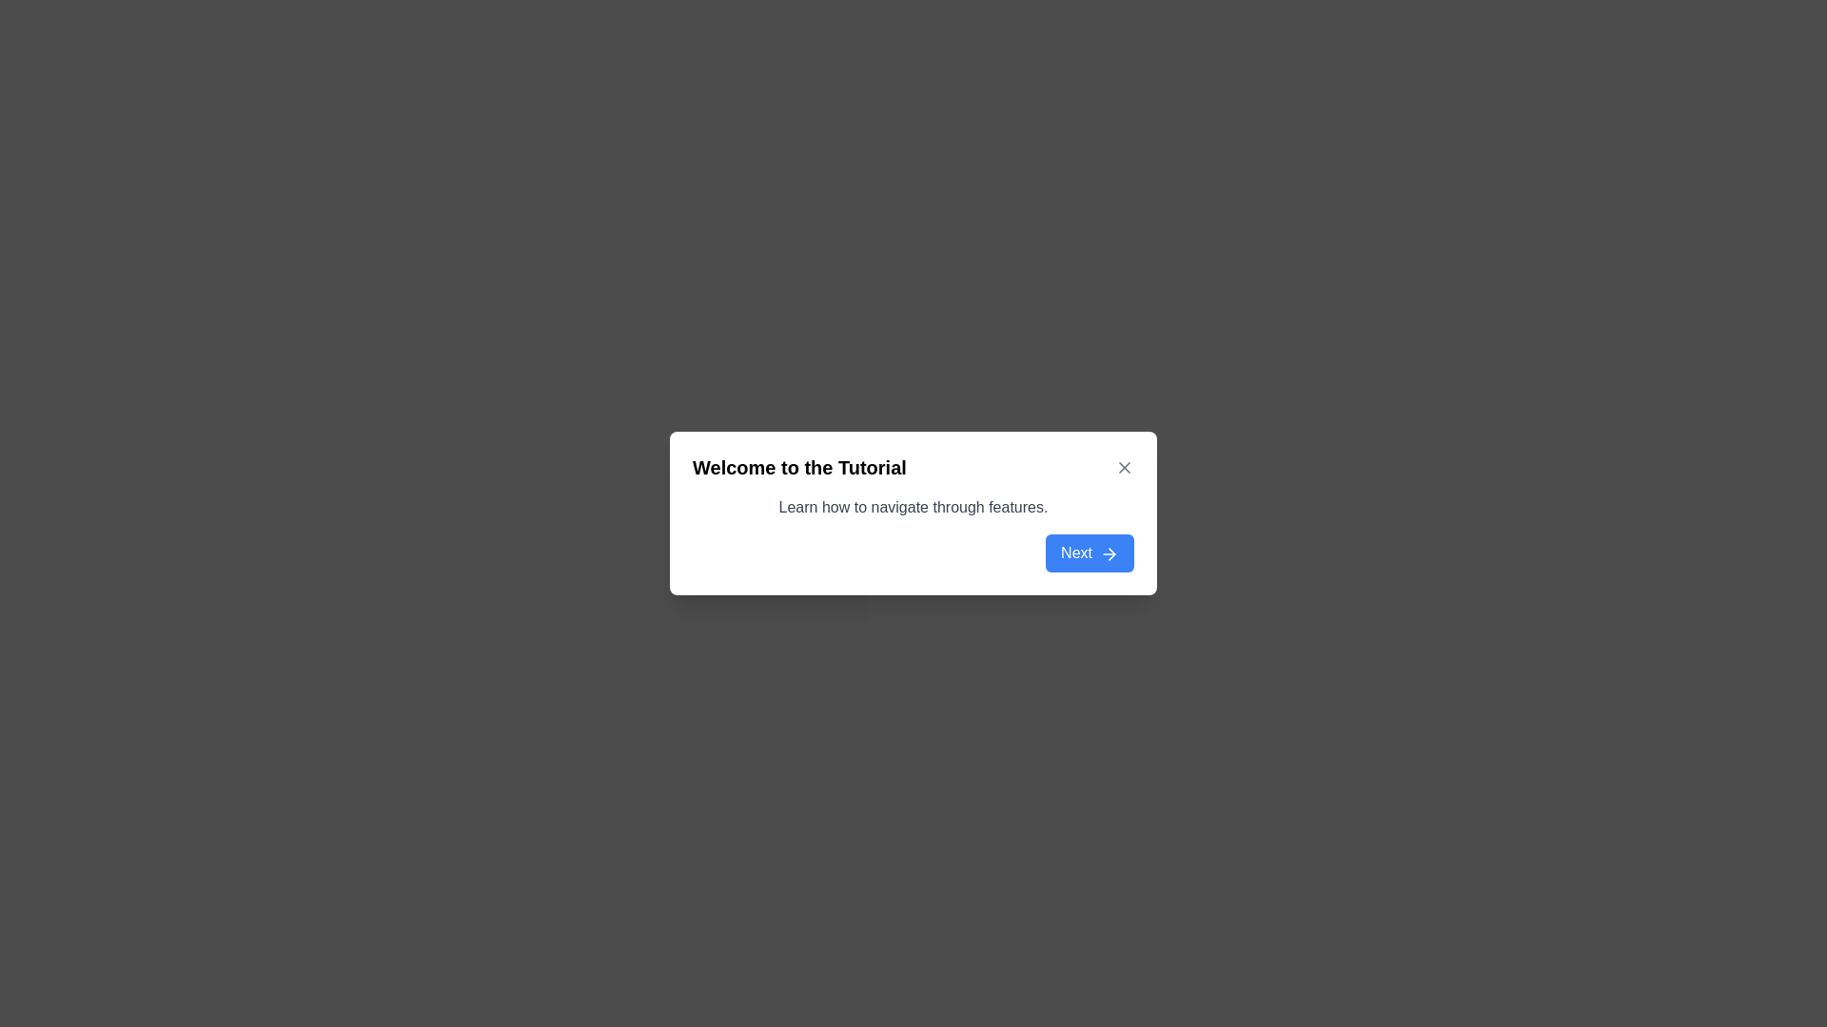 This screenshot has height=1027, width=1827. What do you see at coordinates (1124, 468) in the screenshot?
I see `the close button, a small SVG icon depicting a diagonal cross located at the upper-right corner of the modal window` at bounding box center [1124, 468].